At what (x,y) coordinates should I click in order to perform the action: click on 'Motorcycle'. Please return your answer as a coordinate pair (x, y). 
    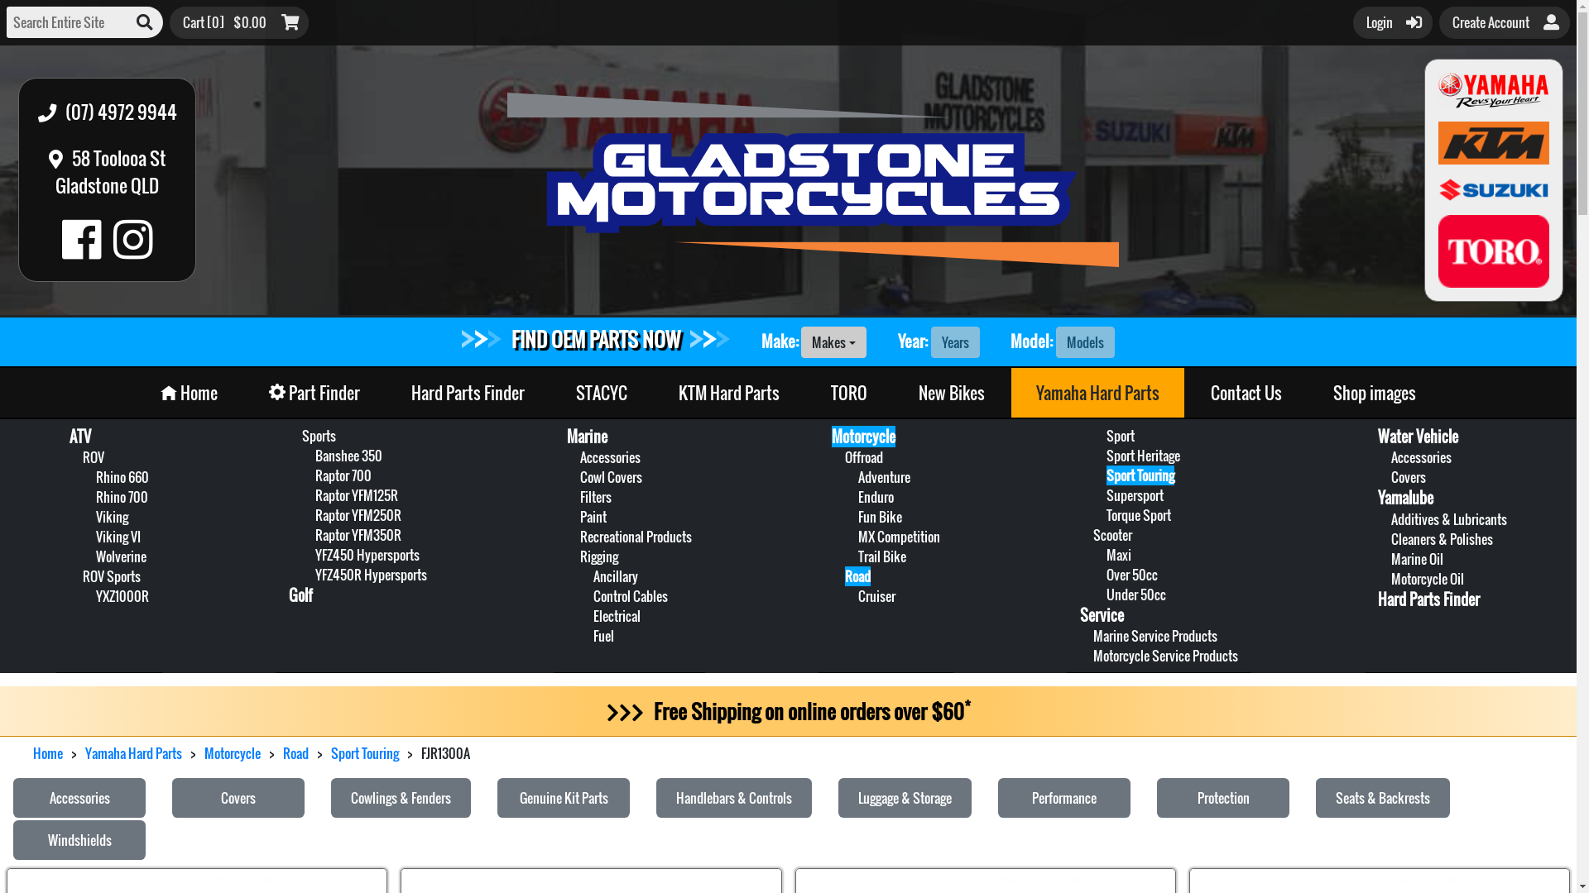
    Looking at the image, I should click on (232, 752).